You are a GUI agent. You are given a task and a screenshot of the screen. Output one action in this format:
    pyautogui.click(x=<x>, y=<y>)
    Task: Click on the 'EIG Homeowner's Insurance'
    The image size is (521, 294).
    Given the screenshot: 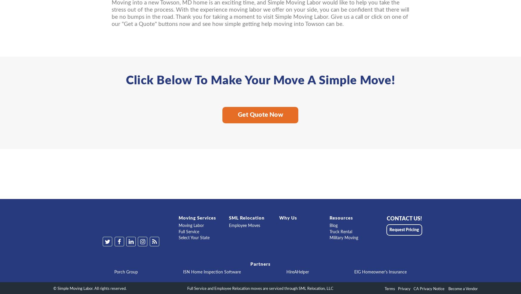 What is the action you would take?
    pyautogui.click(x=380, y=271)
    